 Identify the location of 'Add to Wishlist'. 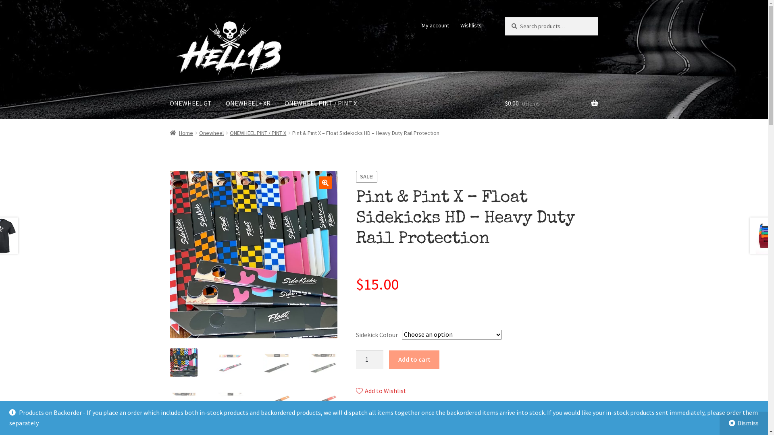
(381, 391).